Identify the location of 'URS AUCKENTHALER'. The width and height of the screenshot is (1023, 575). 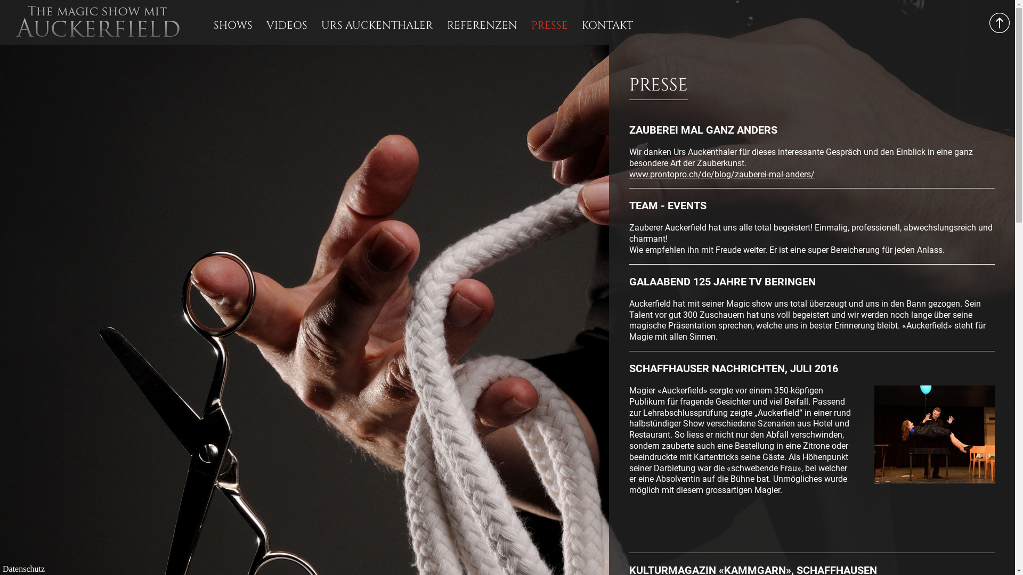
(377, 24).